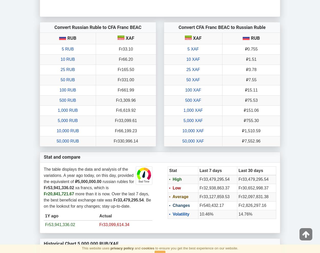  What do you see at coordinates (125, 100) in the screenshot?
I see `'Fr3,309.96'` at bounding box center [125, 100].